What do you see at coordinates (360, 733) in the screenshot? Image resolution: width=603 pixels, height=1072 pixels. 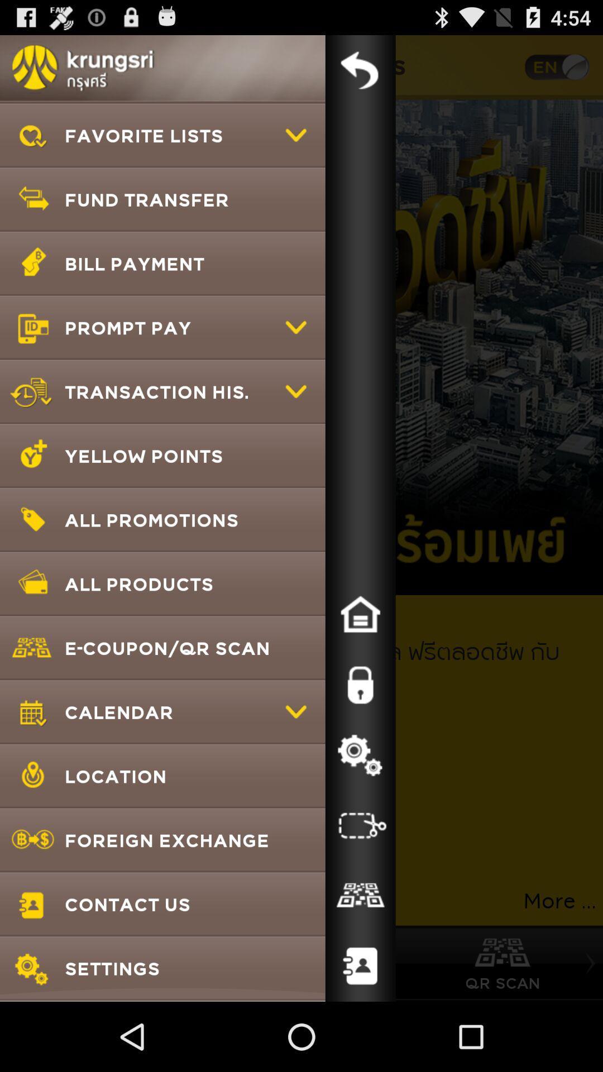 I see `the lock icon` at bounding box center [360, 733].